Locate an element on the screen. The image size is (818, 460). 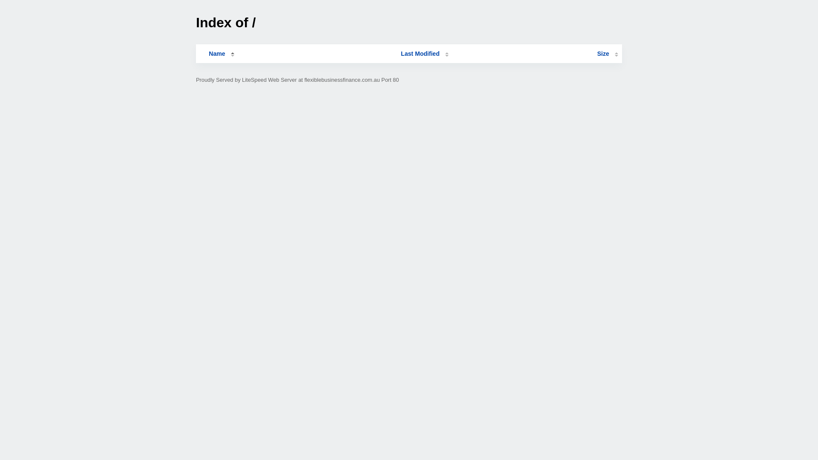
'Size' is located at coordinates (607, 54).